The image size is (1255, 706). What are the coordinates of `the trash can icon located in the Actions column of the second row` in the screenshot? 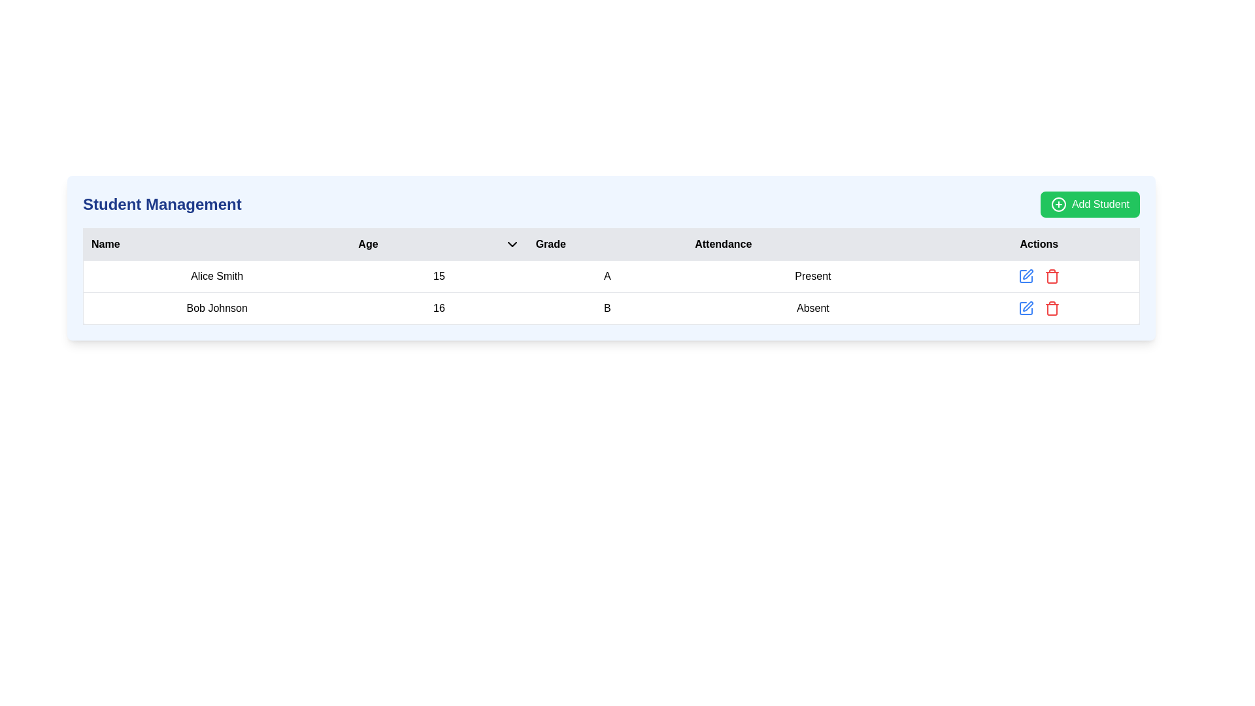 It's located at (1052, 310).